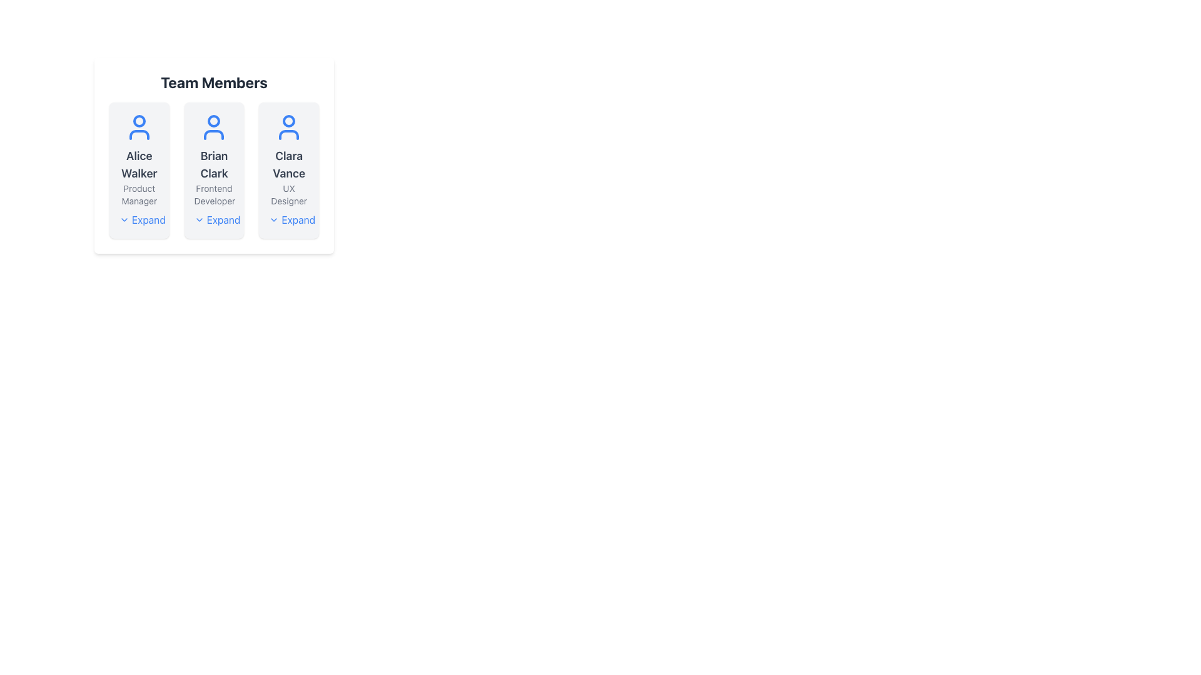 This screenshot has height=675, width=1201. What do you see at coordinates (142, 219) in the screenshot?
I see `the 'Expand' button with a blue color and a downward chevron icon` at bounding box center [142, 219].